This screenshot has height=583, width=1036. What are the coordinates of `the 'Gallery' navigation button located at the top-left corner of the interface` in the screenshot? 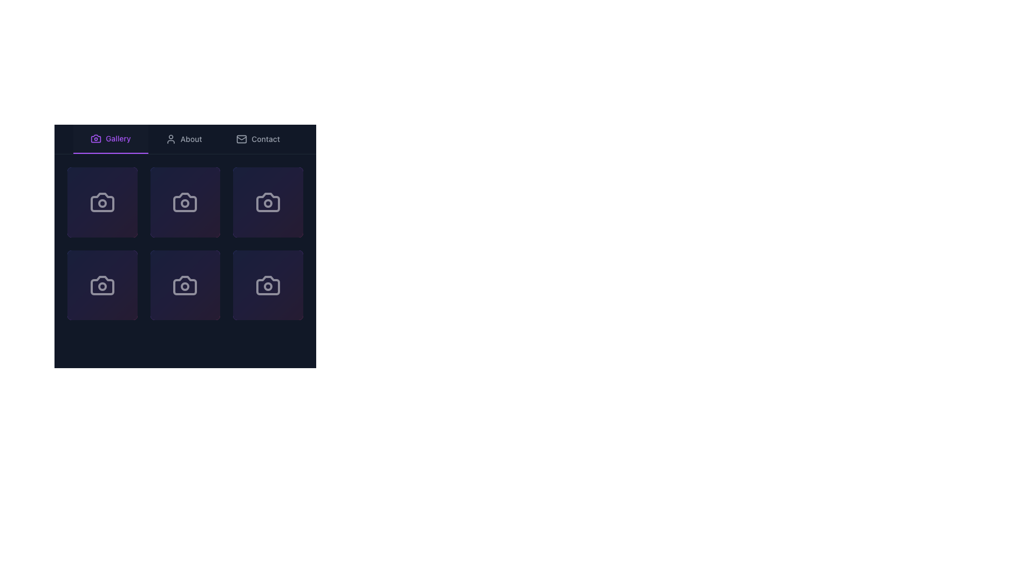 It's located at (111, 139).